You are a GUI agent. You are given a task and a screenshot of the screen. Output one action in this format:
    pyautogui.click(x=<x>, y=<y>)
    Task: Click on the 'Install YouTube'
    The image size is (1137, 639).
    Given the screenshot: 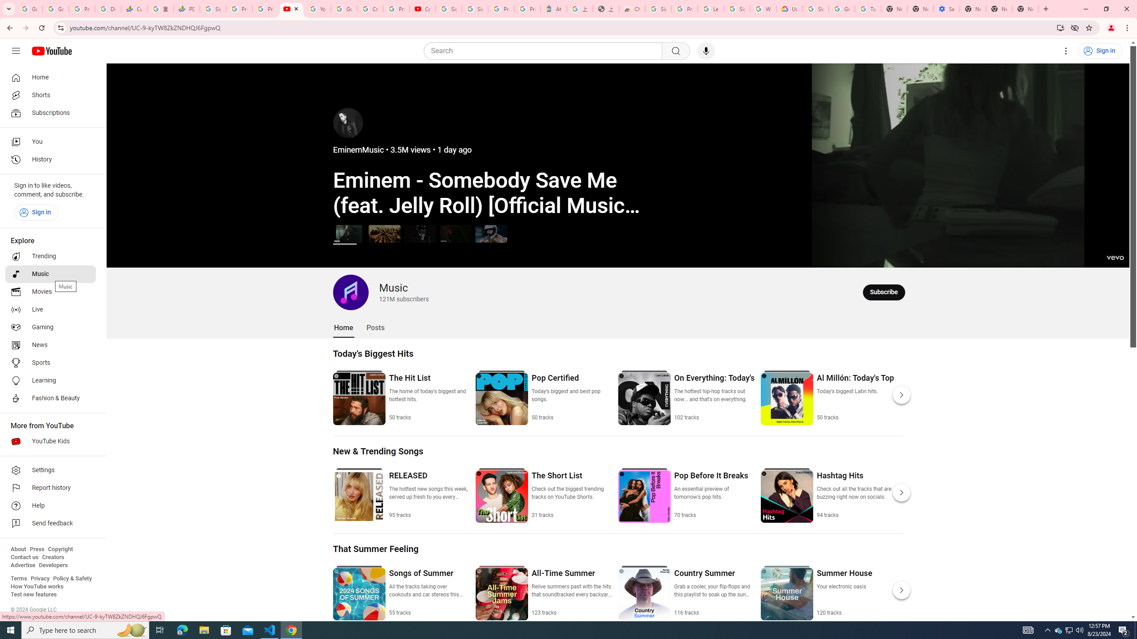 What is the action you would take?
    pyautogui.click(x=1061, y=27)
    